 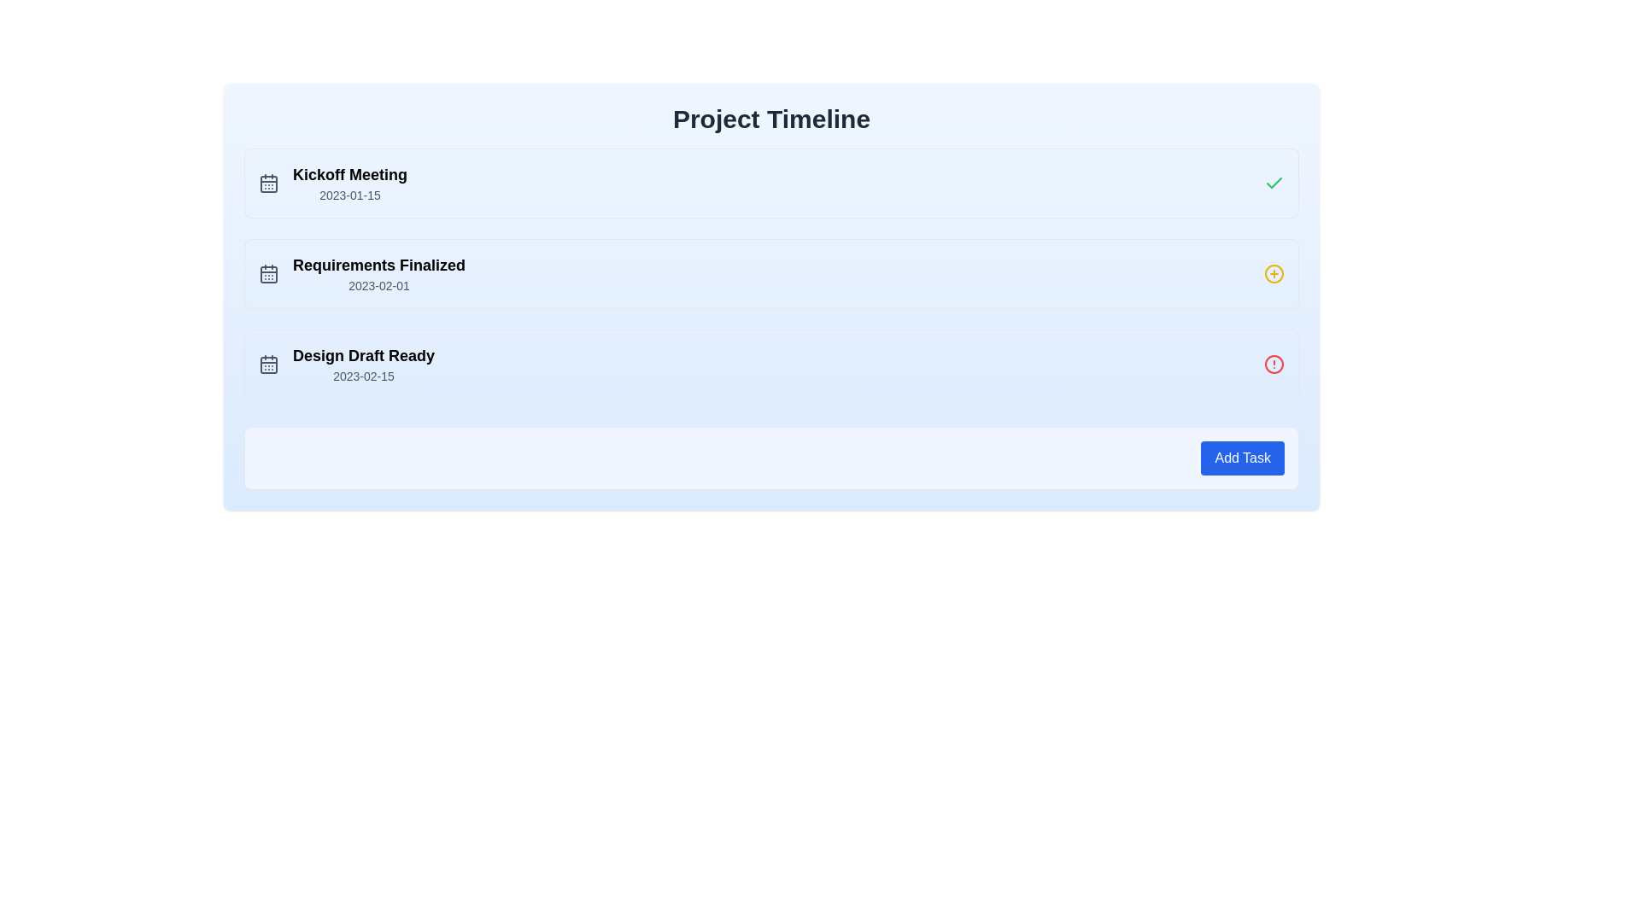 I want to click on the calendar icon representing the date for the 'Design Draft Ready' event in the Project Timeline interface, so click(x=268, y=365).